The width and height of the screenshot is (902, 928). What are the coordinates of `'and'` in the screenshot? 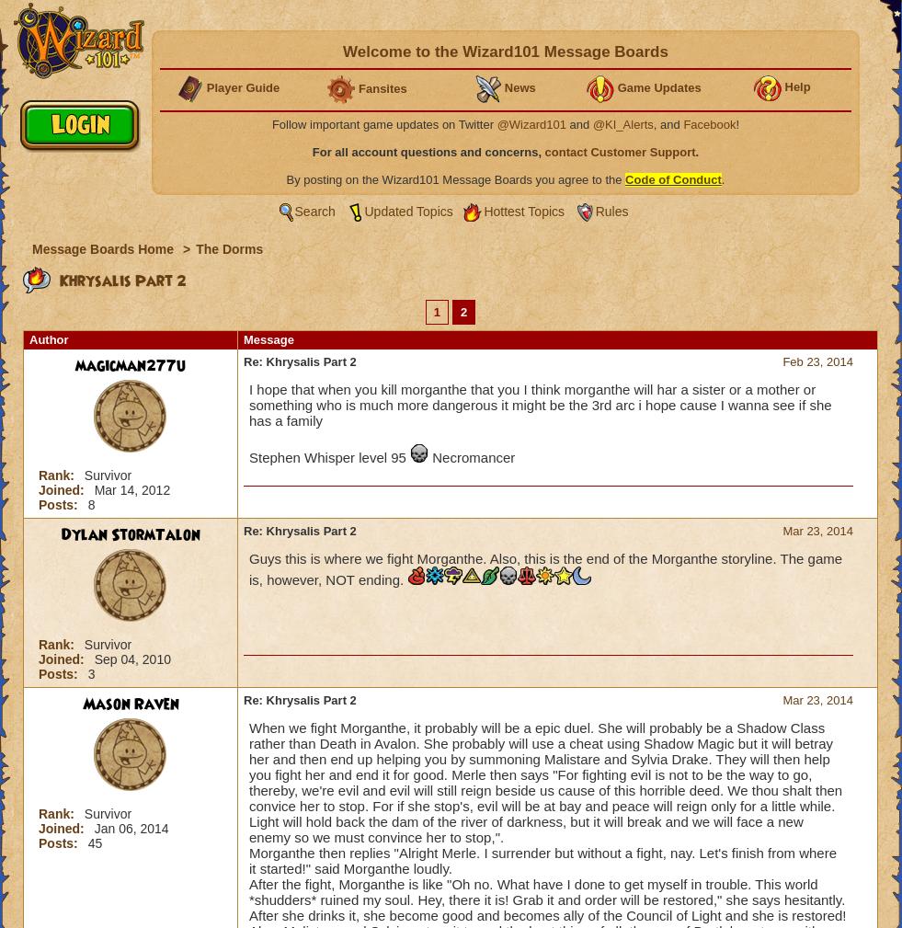 It's located at (578, 123).